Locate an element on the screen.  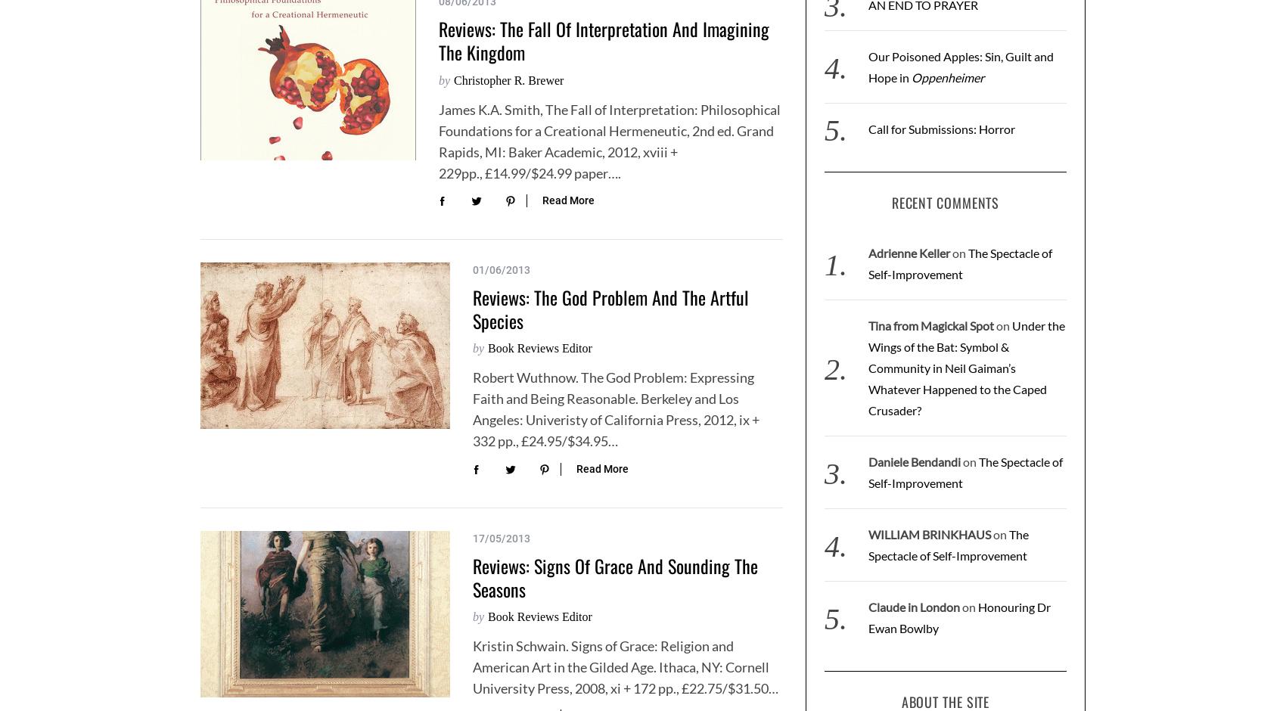
'Claude in London' is located at coordinates (912, 607).